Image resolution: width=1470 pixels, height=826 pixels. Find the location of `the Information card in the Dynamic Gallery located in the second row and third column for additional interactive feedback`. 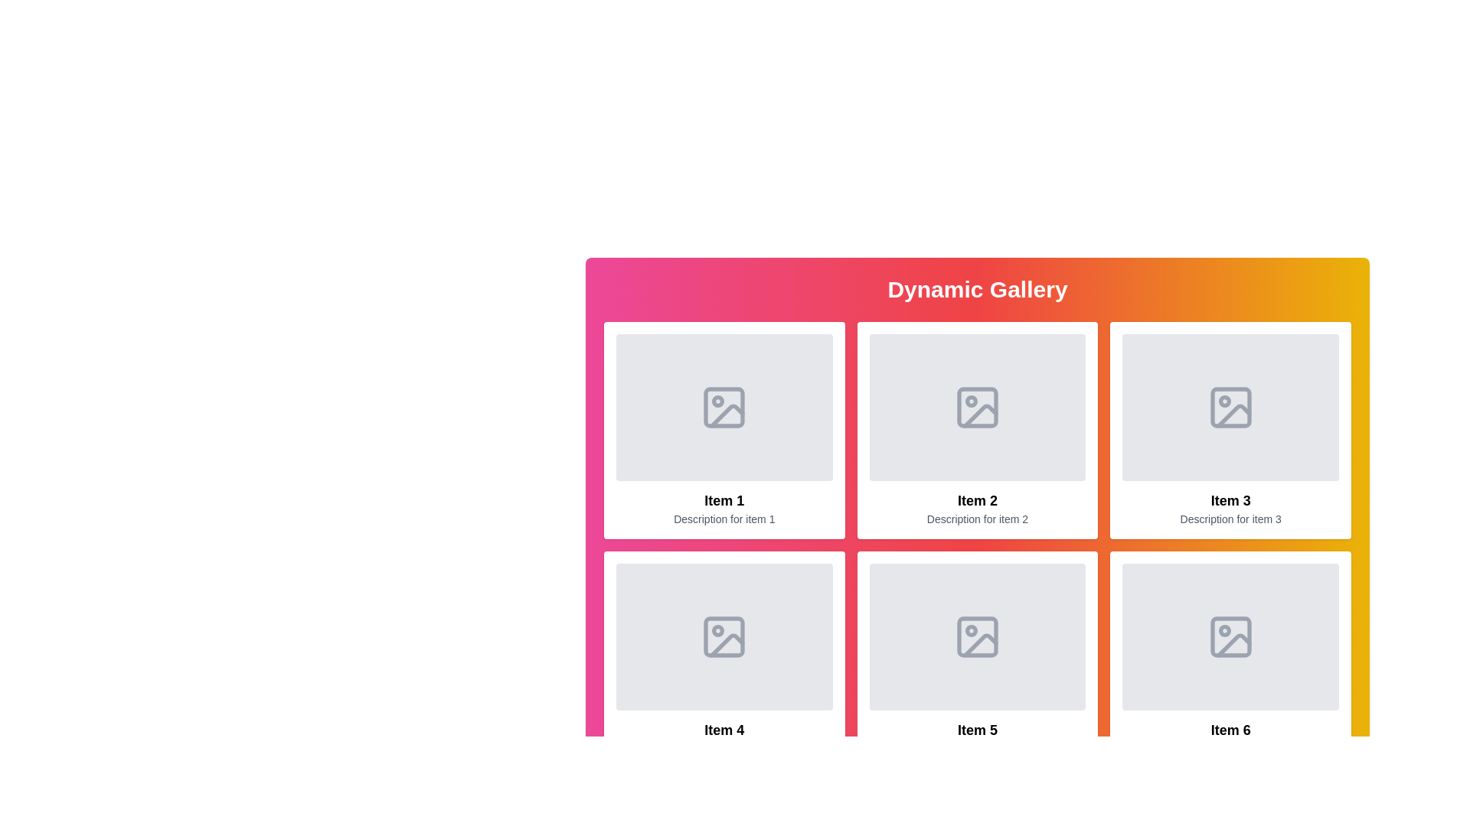

the Information card in the Dynamic Gallery located in the second row and third column for additional interactive feedback is located at coordinates (1230, 659).